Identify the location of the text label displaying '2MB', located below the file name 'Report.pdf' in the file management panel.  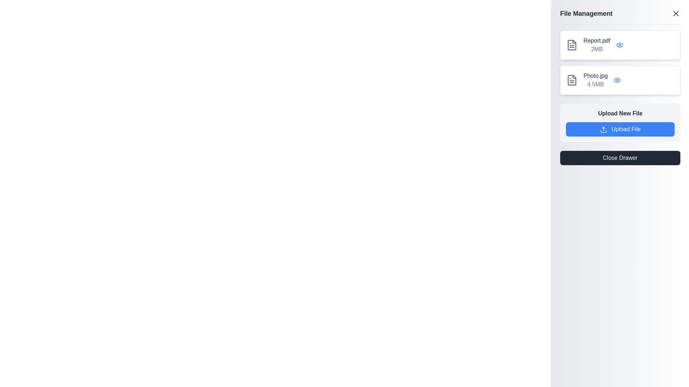
(597, 49).